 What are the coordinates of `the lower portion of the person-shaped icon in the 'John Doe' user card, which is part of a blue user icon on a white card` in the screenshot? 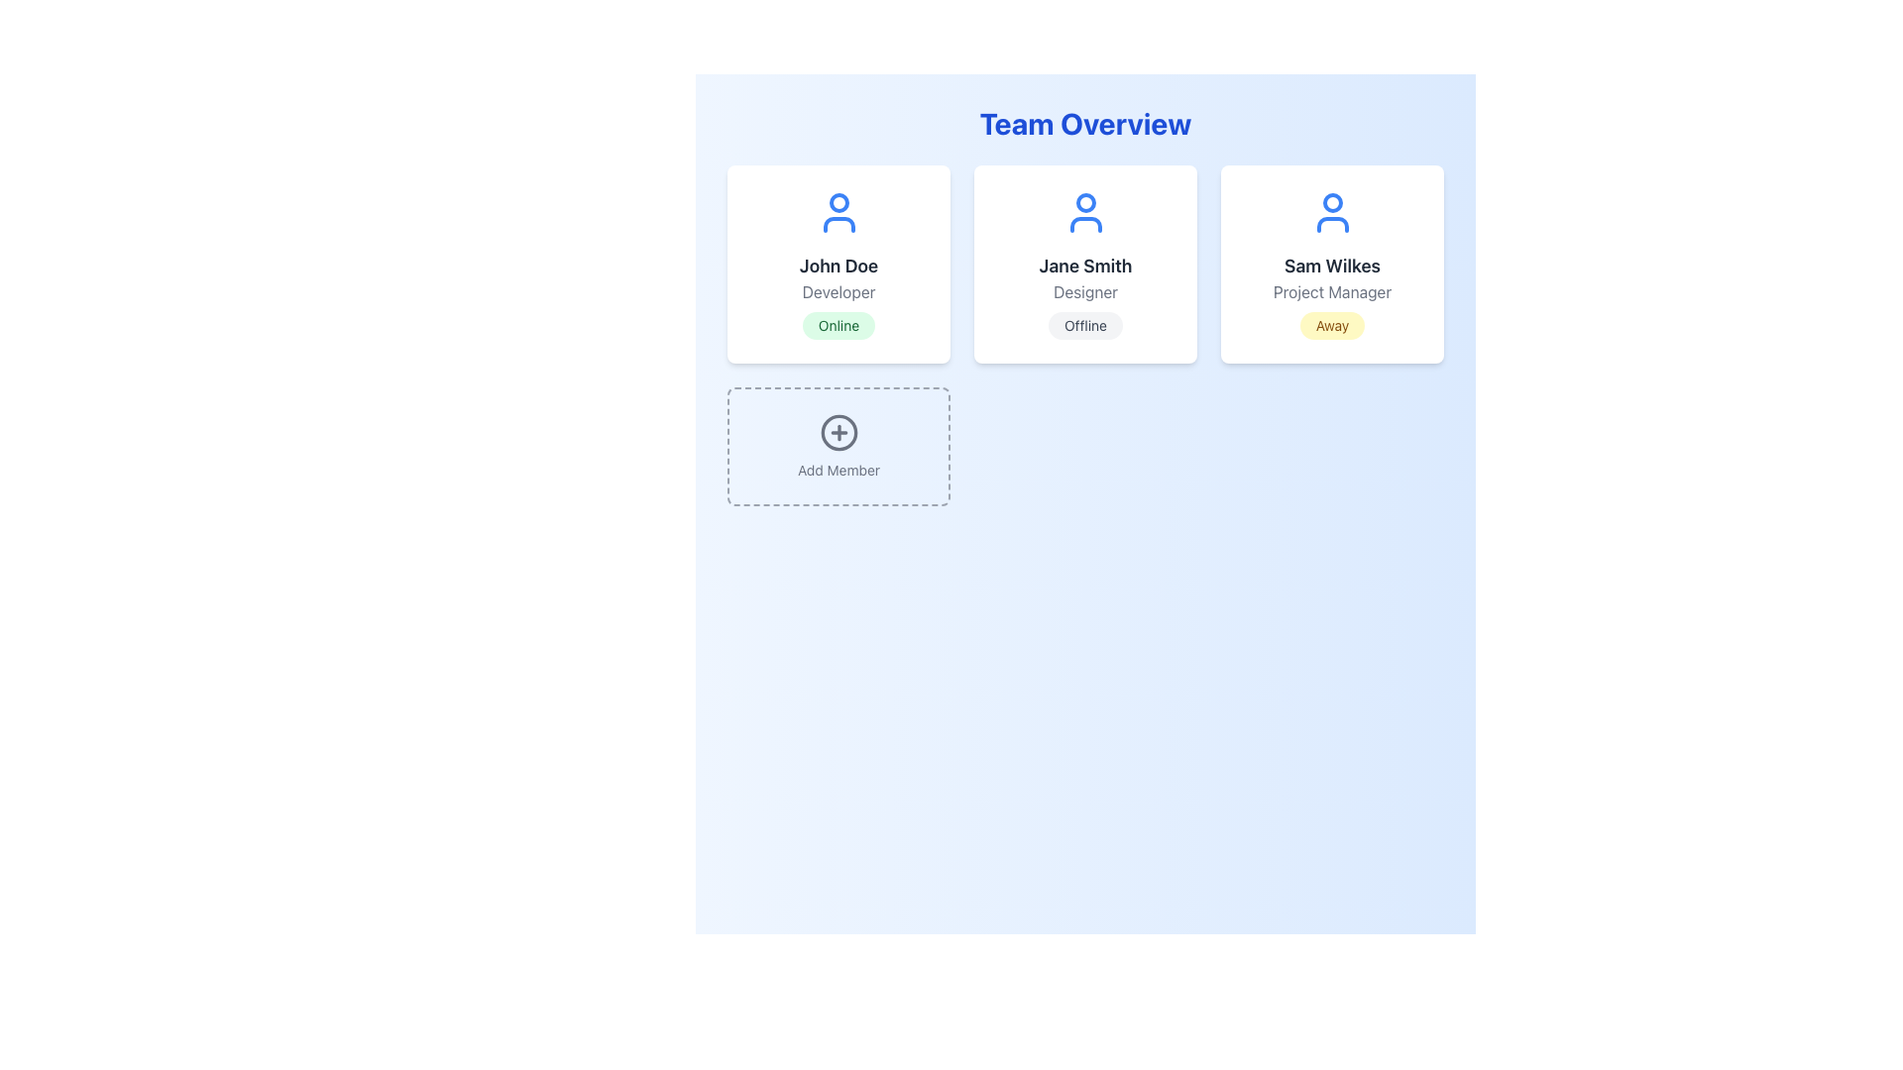 It's located at (839, 224).